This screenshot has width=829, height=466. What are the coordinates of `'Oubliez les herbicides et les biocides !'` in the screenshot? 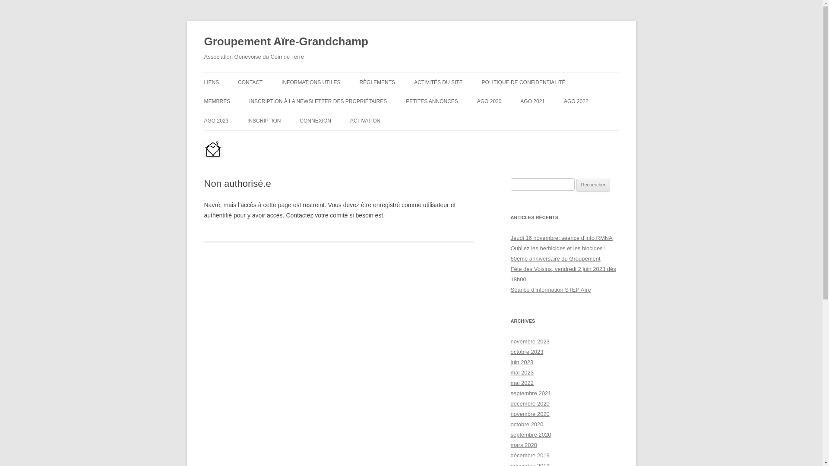 It's located at (557, 248).